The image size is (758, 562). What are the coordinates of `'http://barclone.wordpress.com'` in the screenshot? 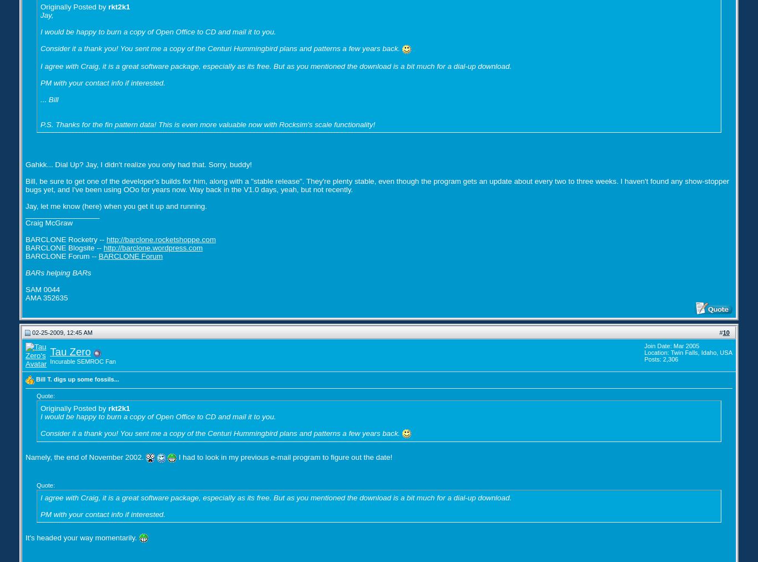 It's located at (153, 247).